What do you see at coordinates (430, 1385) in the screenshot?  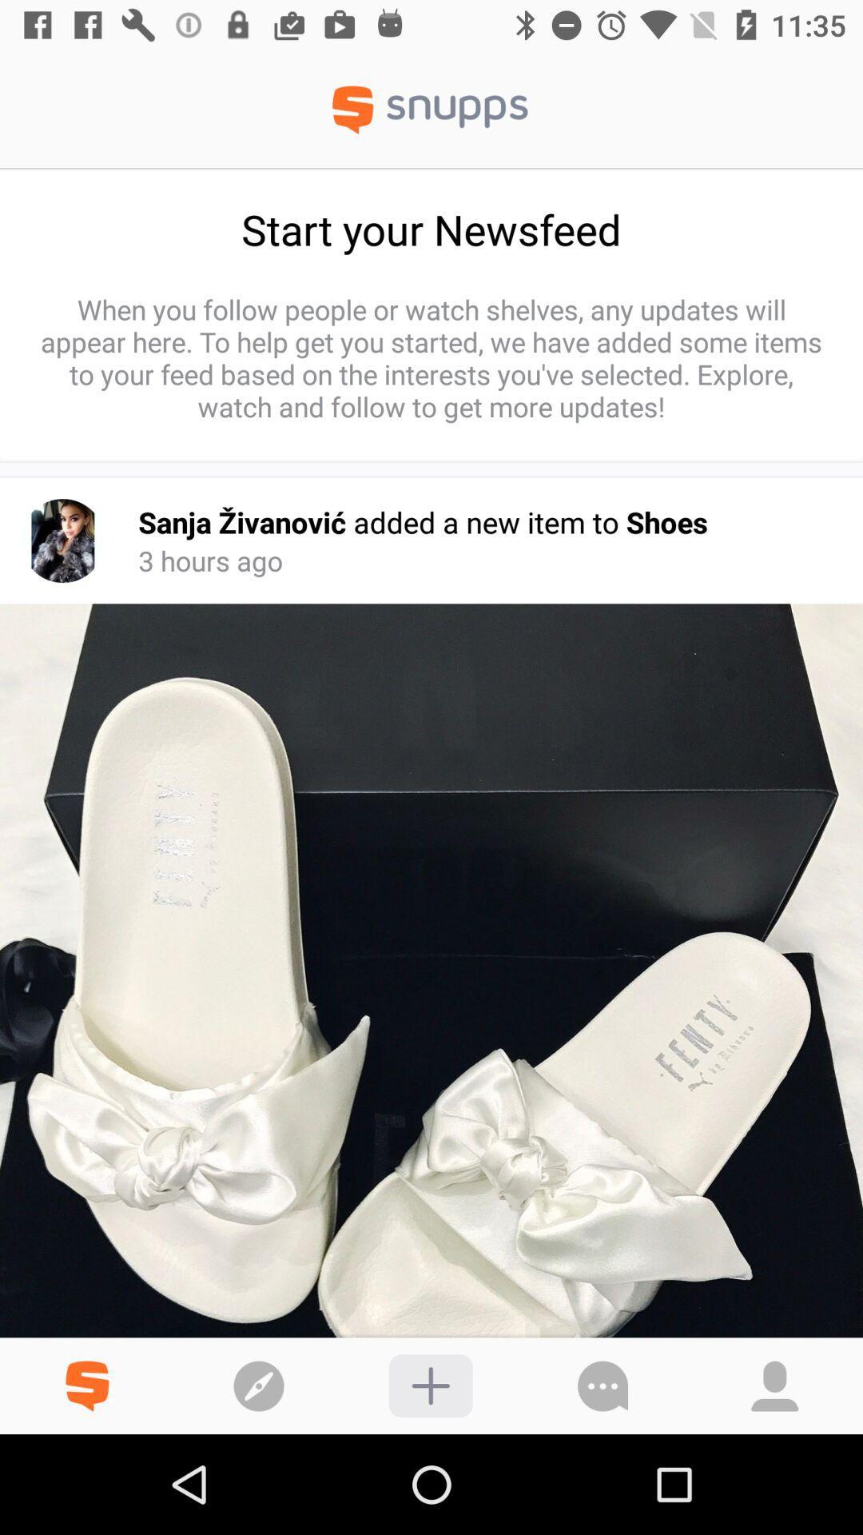 I see `to list` at bounding box center [430, 1385].